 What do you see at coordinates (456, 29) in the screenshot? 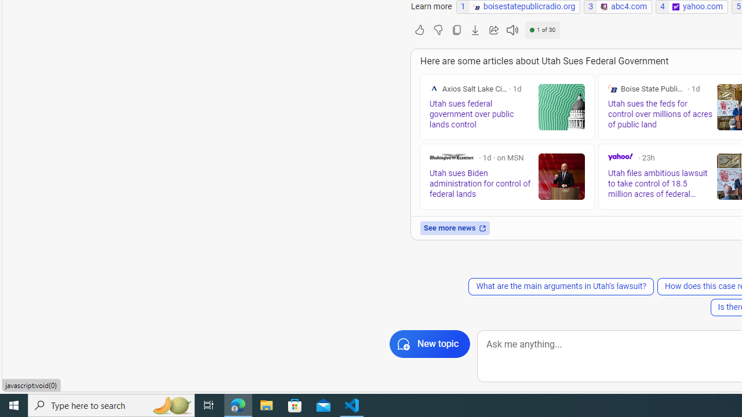
I see `'Copy'` at bounding box center [456, 29].